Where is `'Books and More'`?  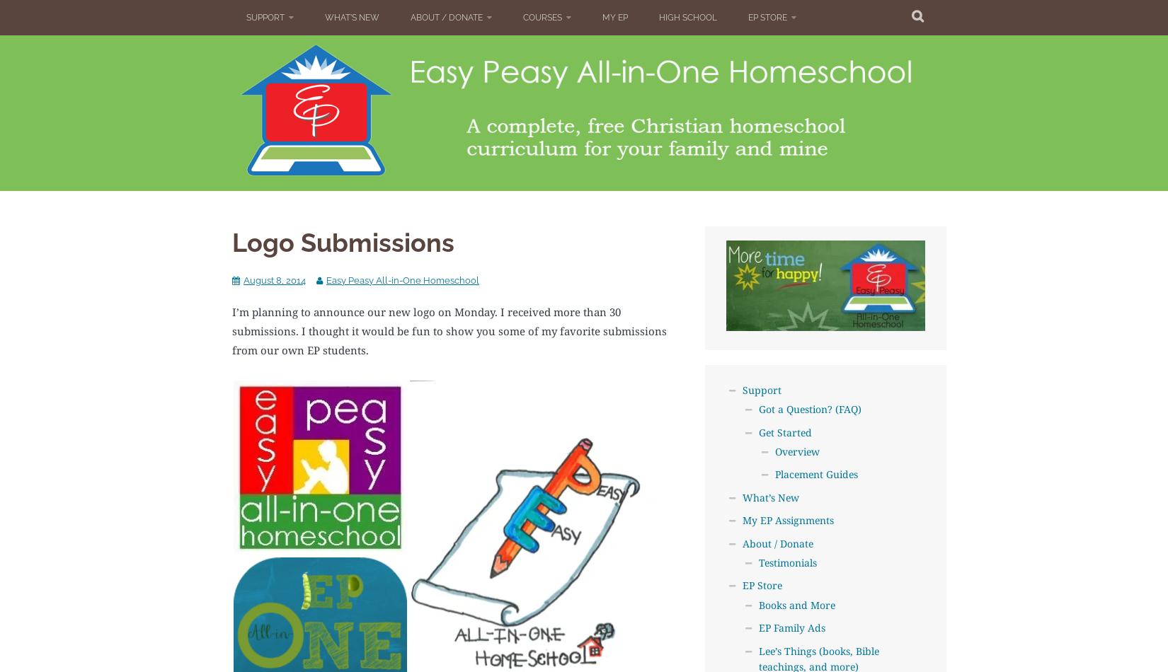
'Books and More' is located at coordinates (796, 603).